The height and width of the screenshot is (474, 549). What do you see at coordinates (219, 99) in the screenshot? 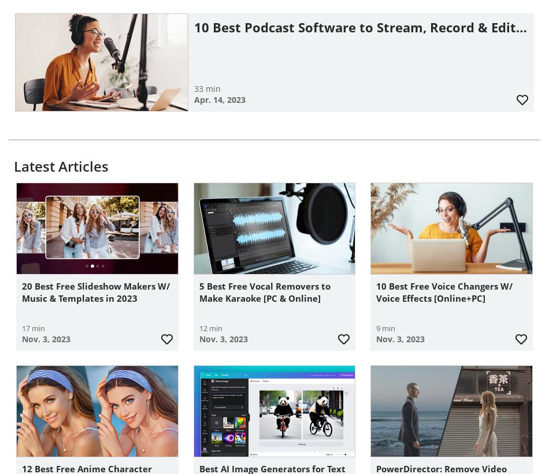
I see `'Apr. 14, 2023'` at bounding box center [219, 99].